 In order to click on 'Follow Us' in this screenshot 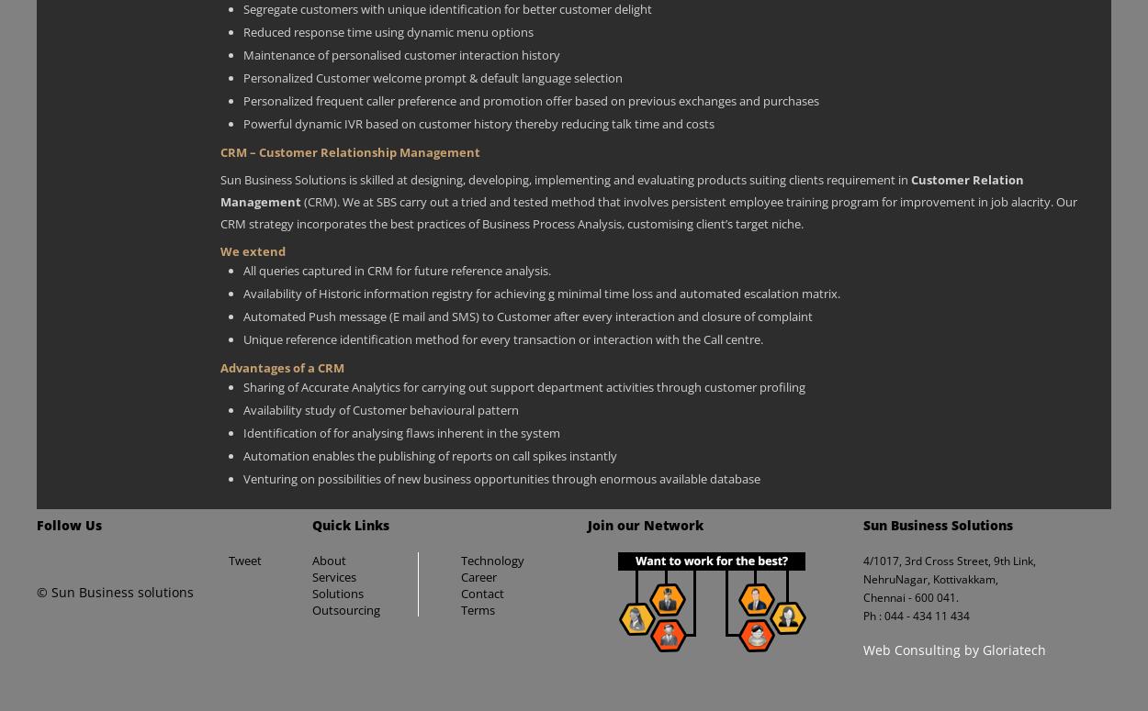, I will do `click(37, 523)`.